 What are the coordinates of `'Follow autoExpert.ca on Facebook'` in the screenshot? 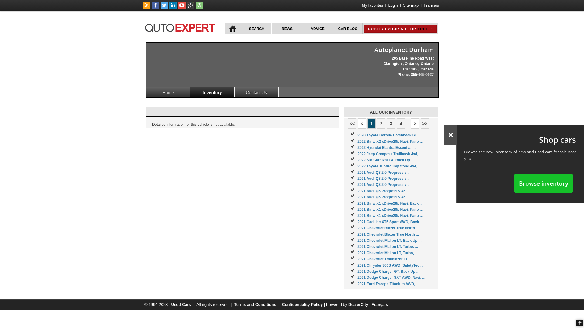 It's located at (155, 7).